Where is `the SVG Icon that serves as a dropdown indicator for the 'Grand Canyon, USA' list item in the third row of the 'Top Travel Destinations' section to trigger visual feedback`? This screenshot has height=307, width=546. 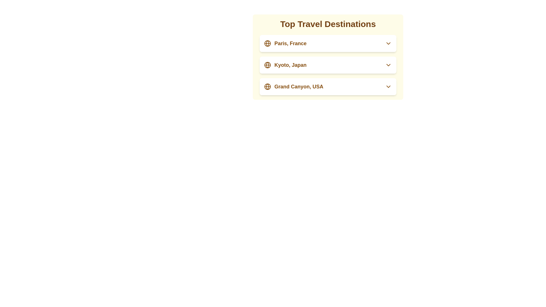 the SVG Icon that serves as a dropdown indicator for the 'Grand Canyon, USA' list item in the third row of the 'Top Travel Destinations' section to trigger visual feedback is located at coordinates (388, 86).